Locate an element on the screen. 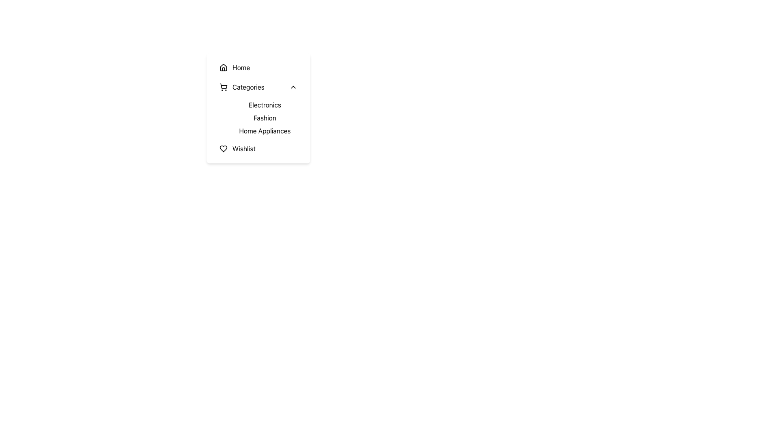 The image size is (779, 438). the 'Electronics' menu link located under the 'Categories' heading is located at coordinates (258, 107).